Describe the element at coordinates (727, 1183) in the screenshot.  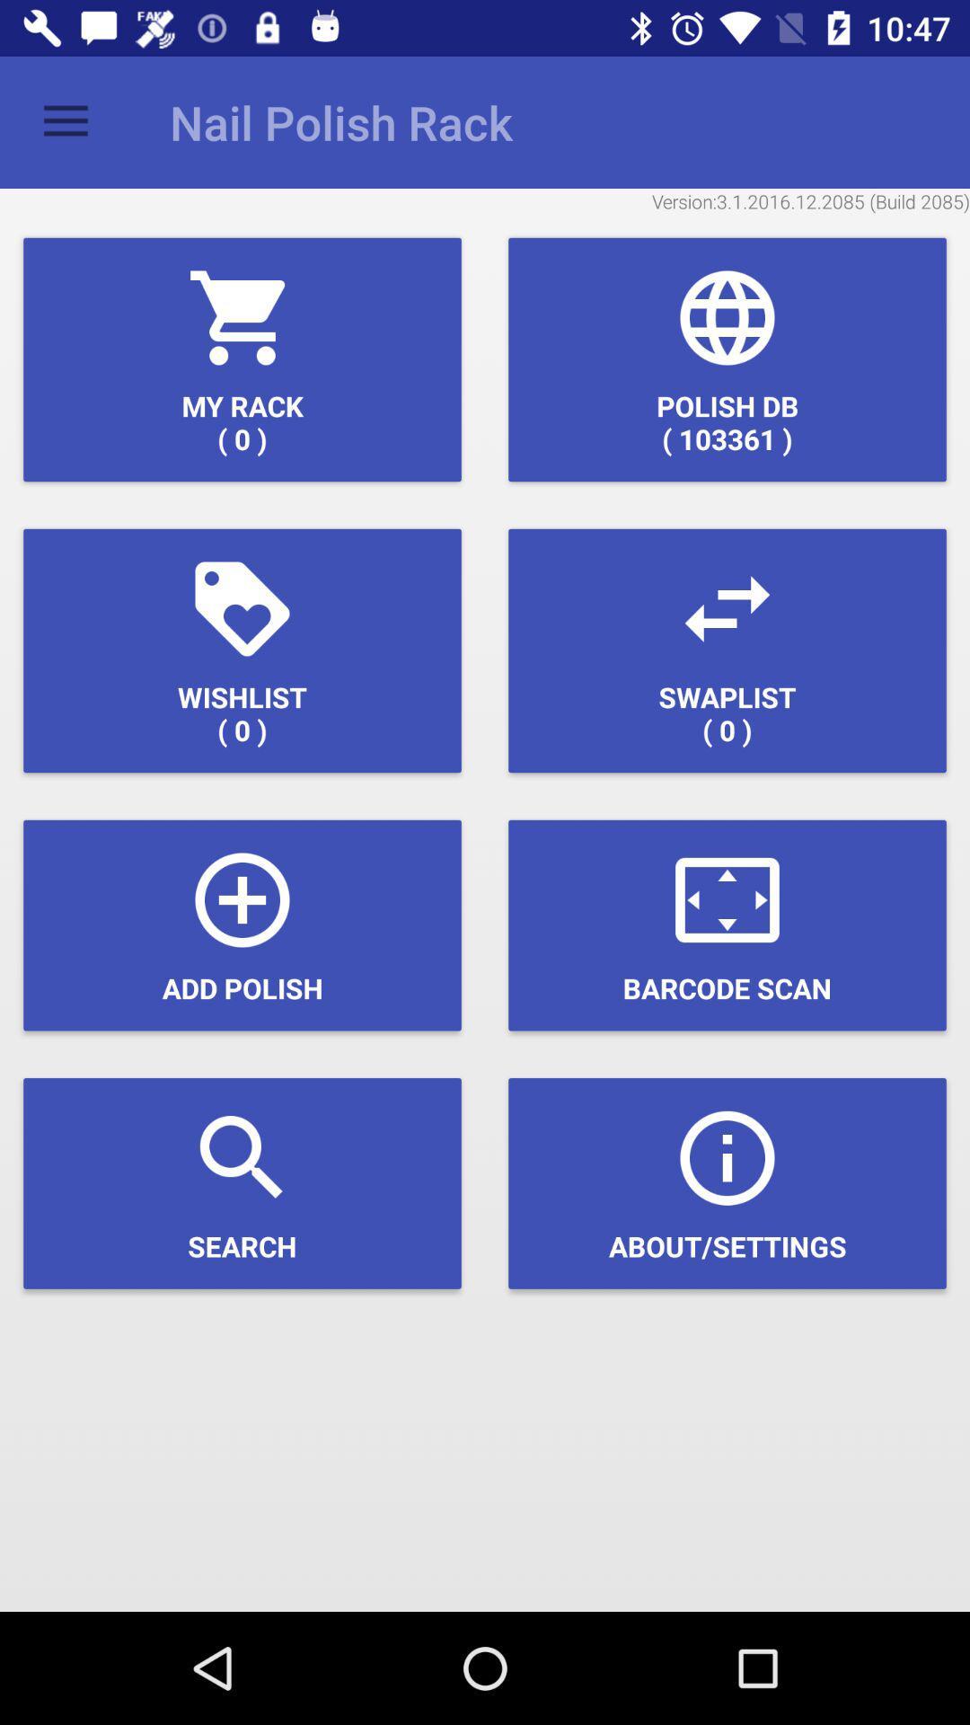
I see `the icon at the bottom right corner` at that location.